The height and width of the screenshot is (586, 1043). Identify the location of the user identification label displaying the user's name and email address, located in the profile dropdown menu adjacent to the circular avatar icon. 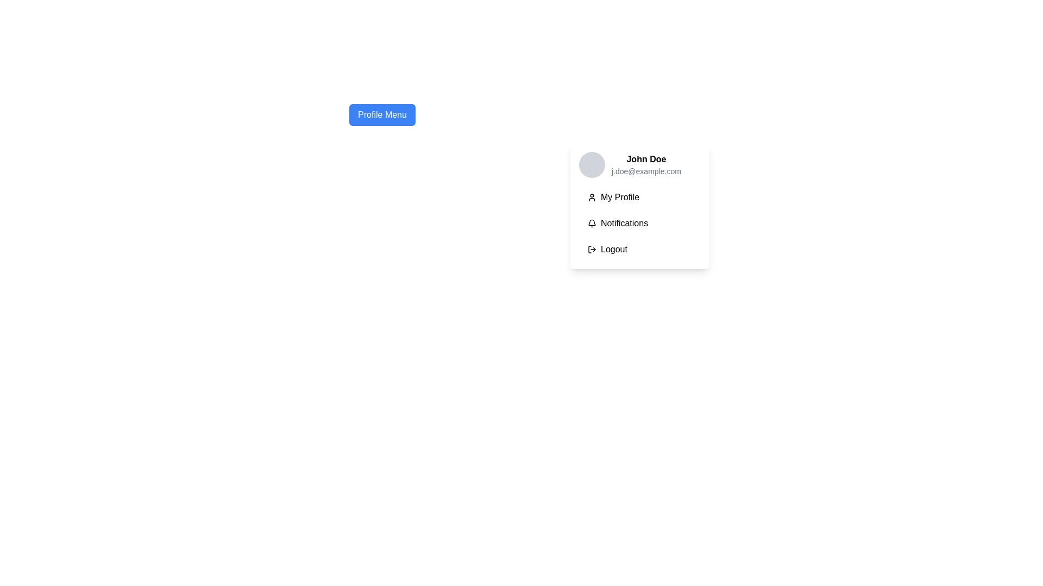
(646, 165).